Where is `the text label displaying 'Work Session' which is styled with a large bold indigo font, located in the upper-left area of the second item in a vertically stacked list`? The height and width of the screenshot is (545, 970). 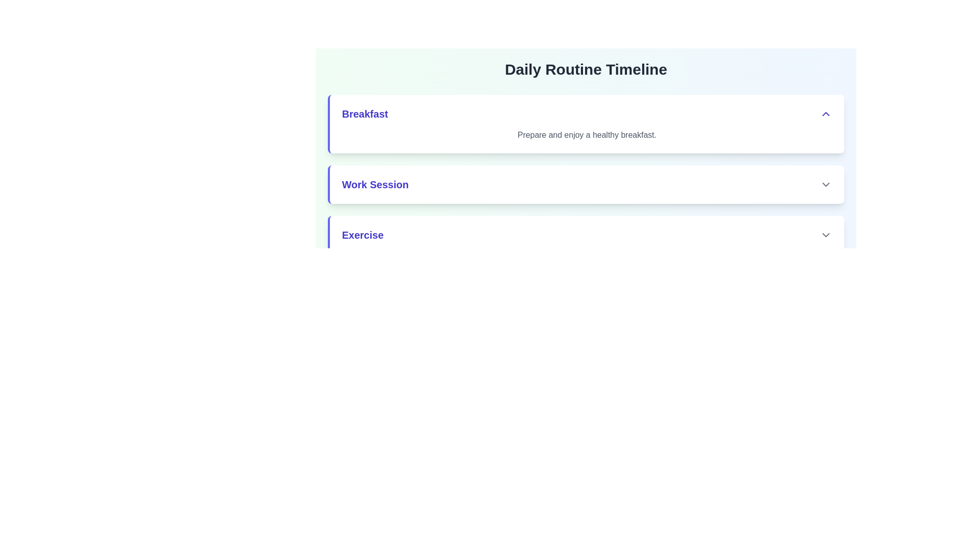
the text label displaying 'Work Session' which is styled with a large bold indigo font, located in the upper-left area of the second item in a vertically stacked list is located at coordinates (375, 185).